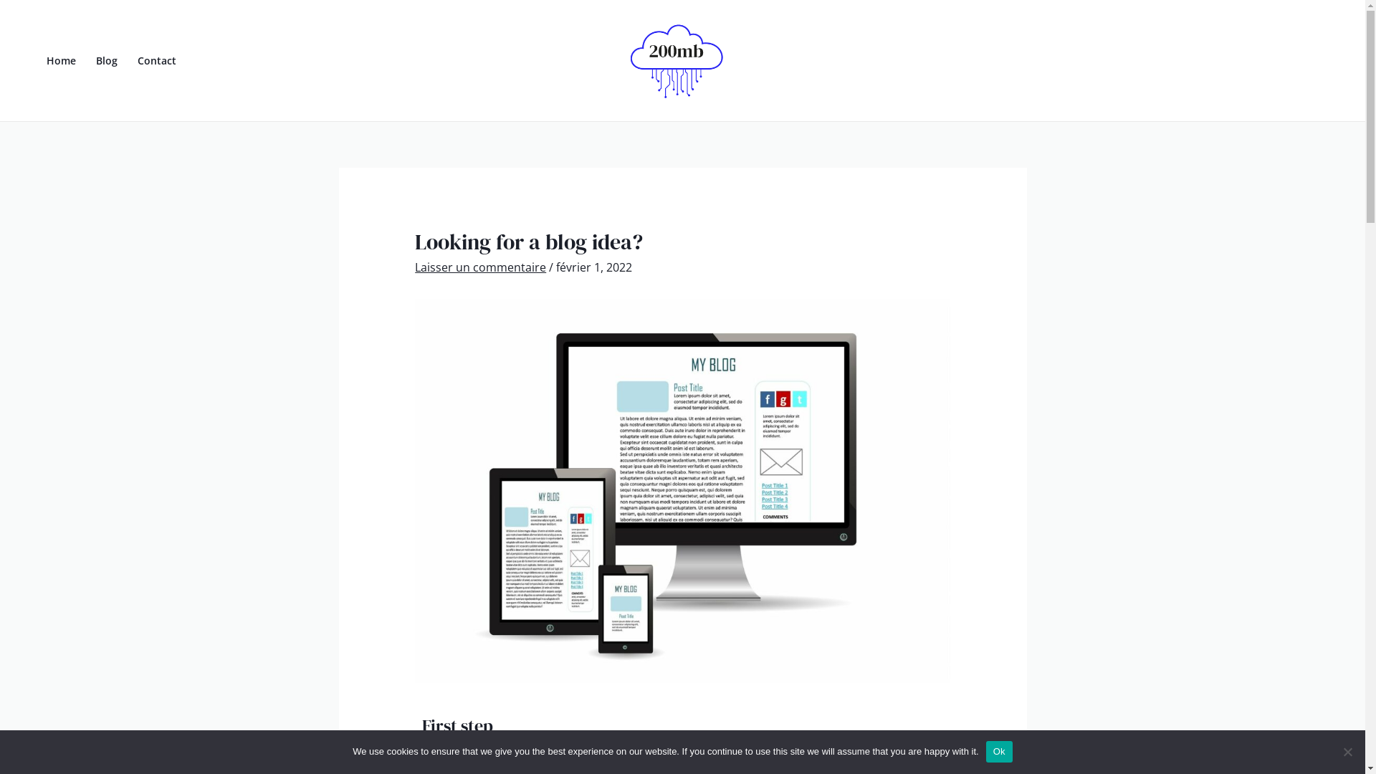 This screenshot has height=774, width=1376. What do you see at coordinates (157, 59) in the screenshot?
I see `'Contact'` at bounding box center [157, 59].